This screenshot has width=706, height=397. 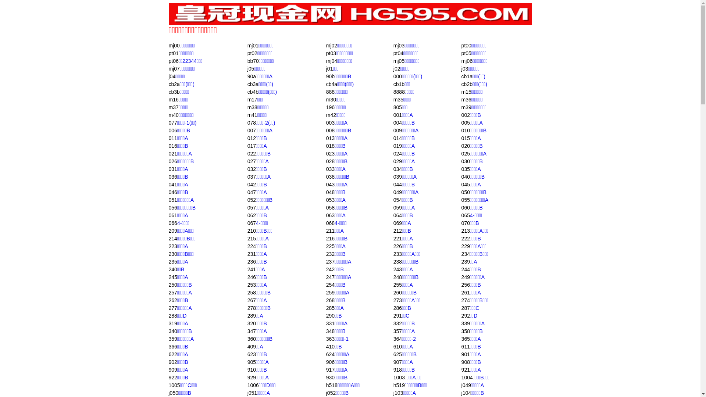 What do you see at coordinates (393, 53) in the screenshot?
I see `'pt04'` at bounding box center [393, 53].